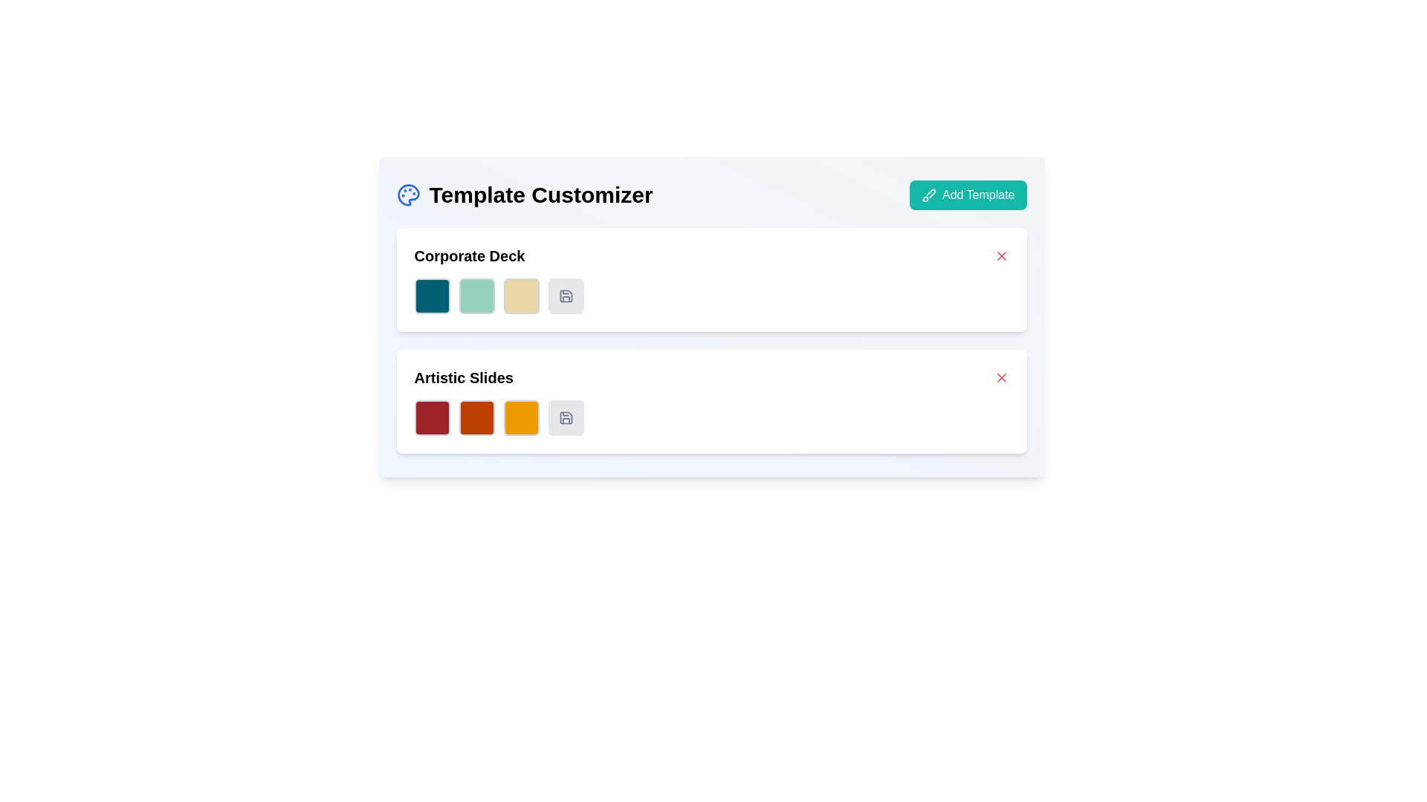 This screenshot has height=802, width=1427. I want to click on the close icon represented by an 'X' shape within the SVG in the Template Customizer interface, so click(1001, 377).